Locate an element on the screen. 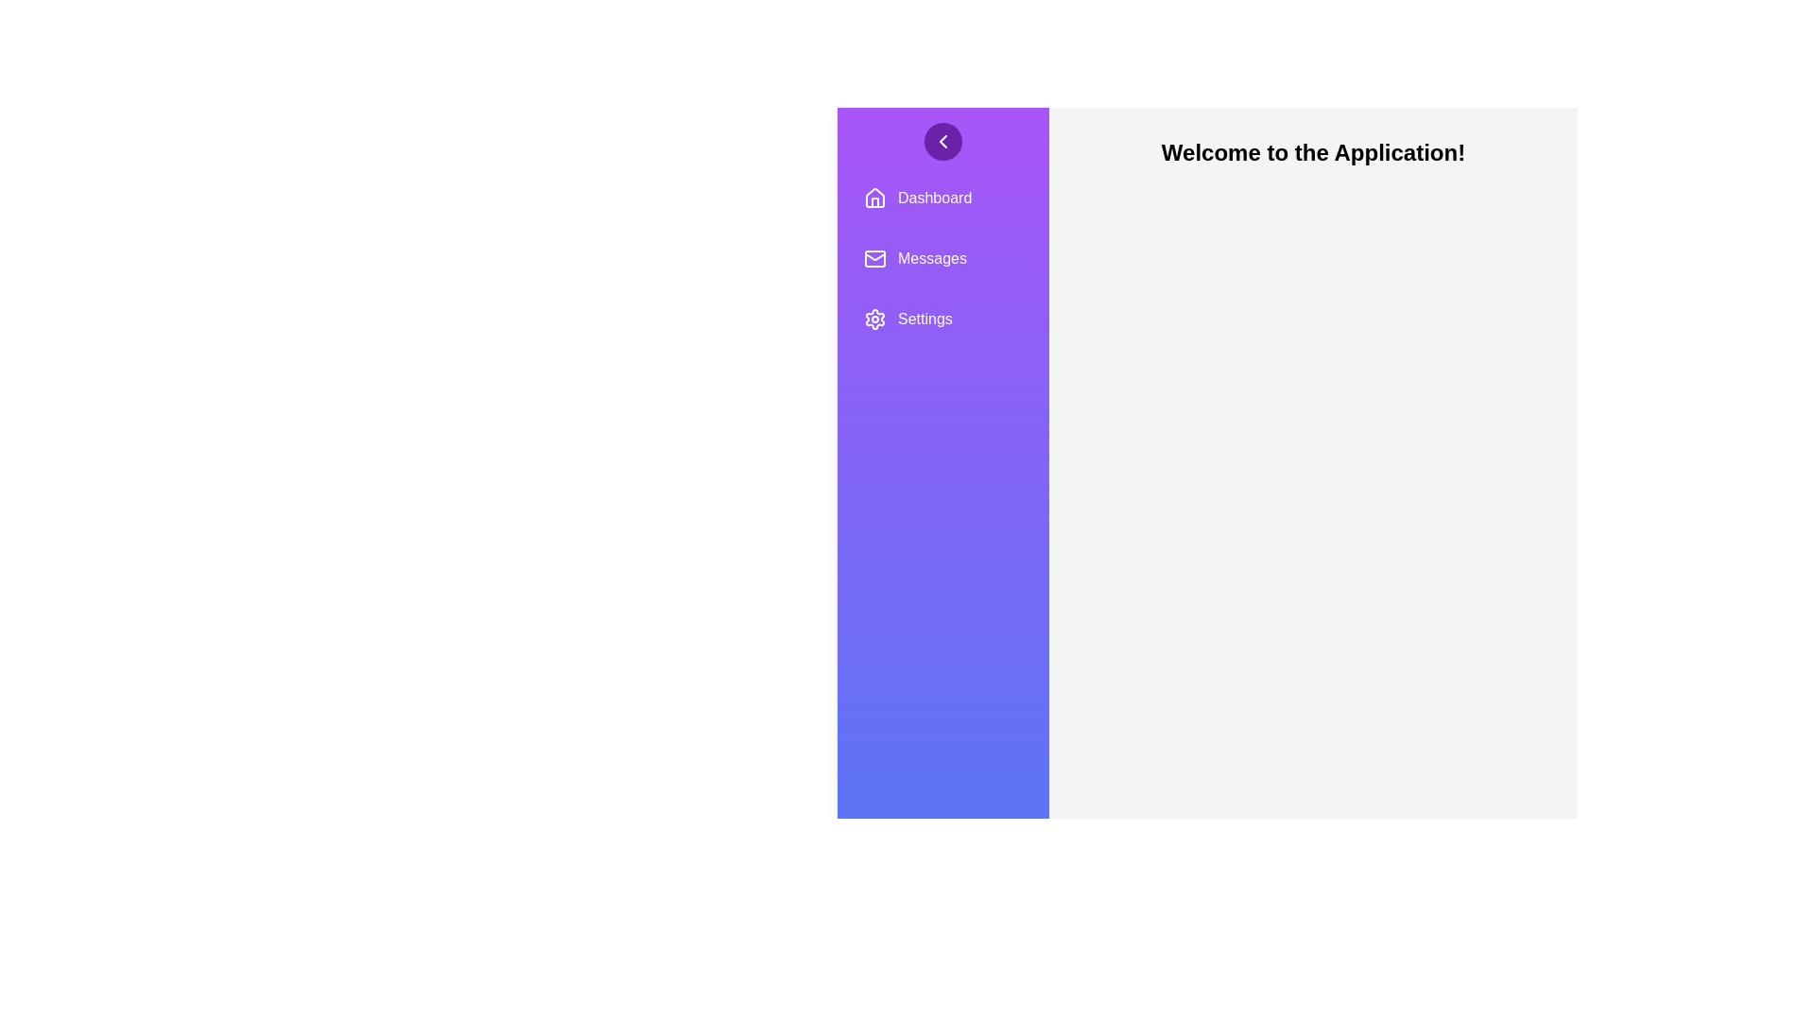 The height and width of the screenshot is (1021, 1815). bold text 'Welcome to the Application!' prominently displayed in the top right section of the interface is located at coordinates (1312, 152).